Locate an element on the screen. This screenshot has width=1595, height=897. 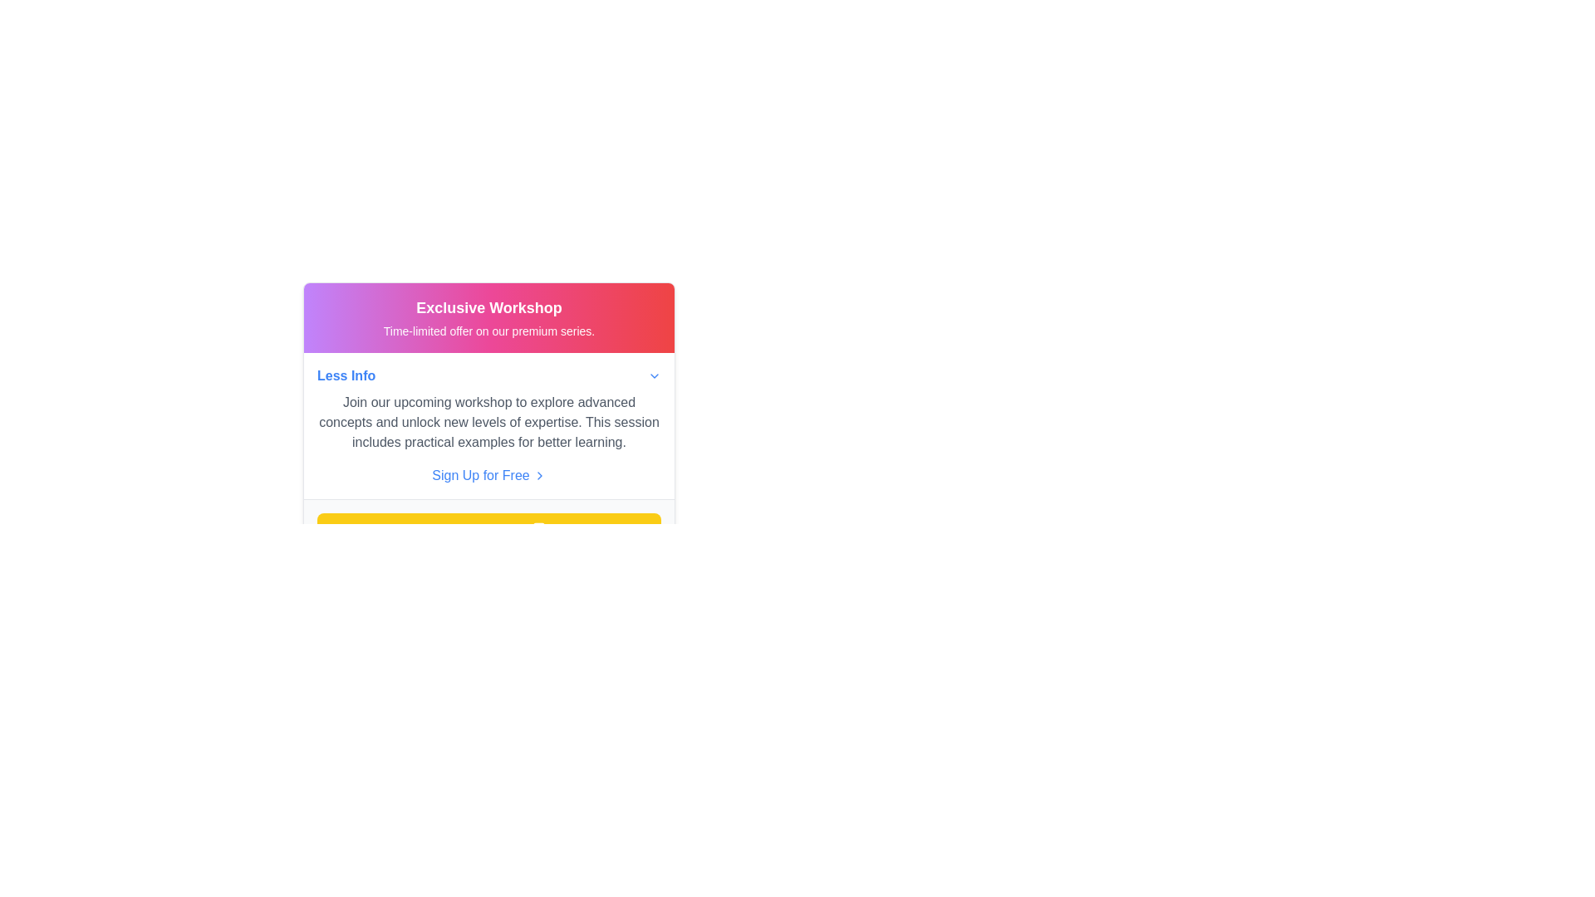
the arrow icon that indicates forward navigation next to the 'Sign Up for Free' hyperlink is located at coordinates (539, 476).